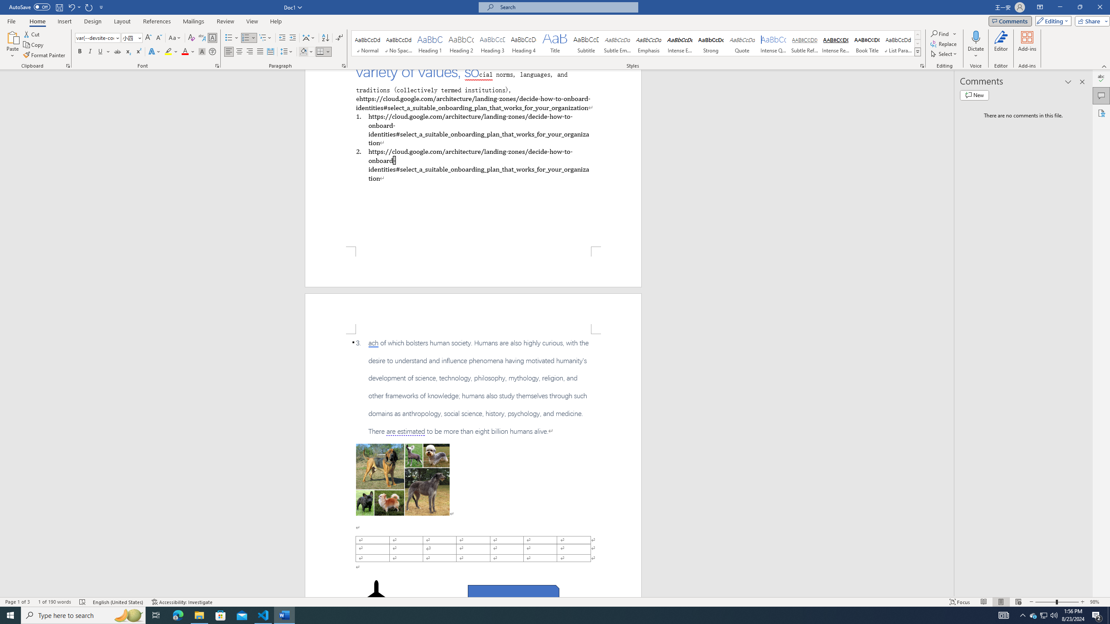 The height and width of the screenshot is (624, 1110). Describe the element at coordinates (636, 43) in the screenshot. I see `'AutomationID: QuickStylesGallery'` at that location.